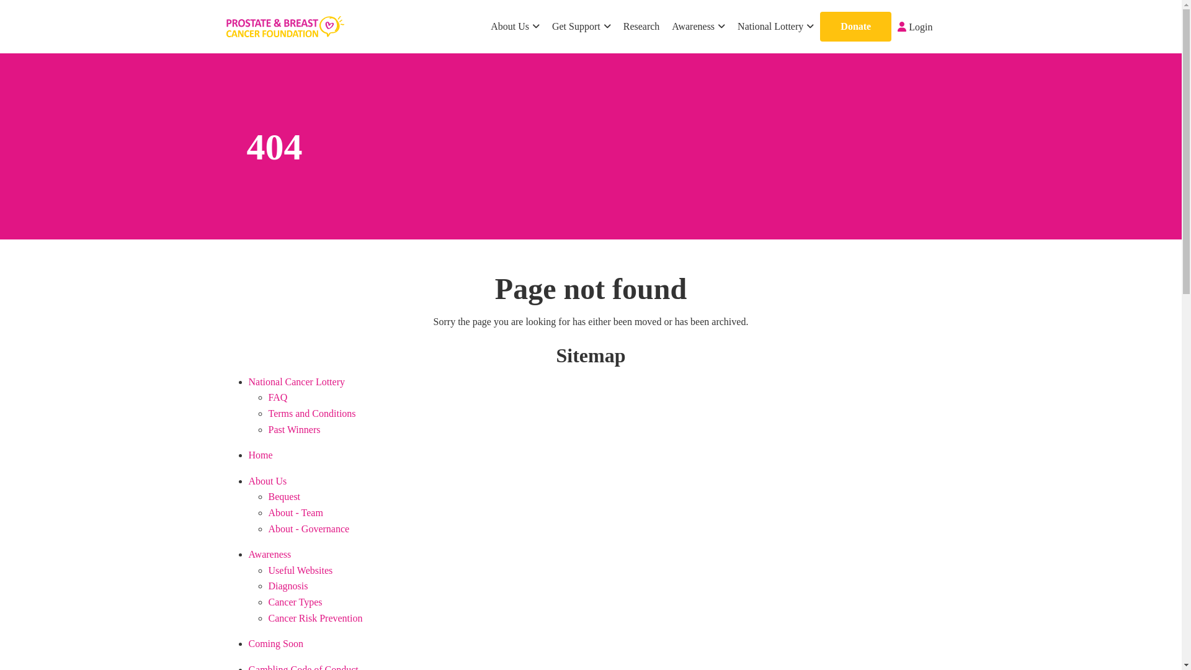  I want to click on 'Useful Websites', so click(267, 570).